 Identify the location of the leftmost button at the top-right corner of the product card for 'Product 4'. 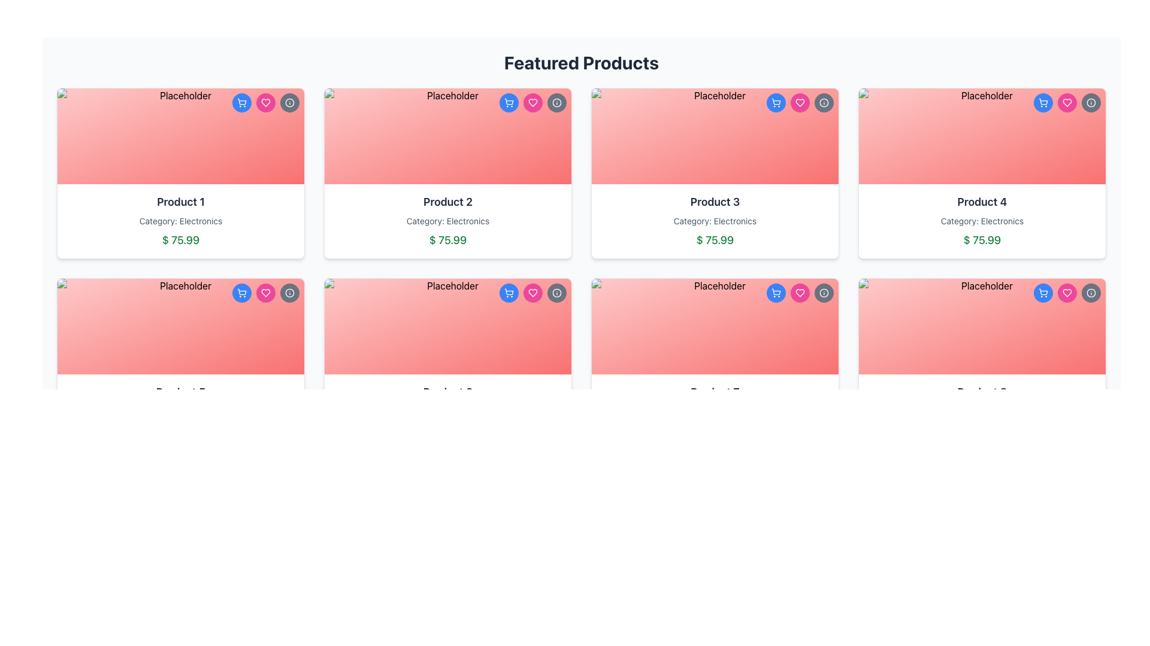
(1043, 292).